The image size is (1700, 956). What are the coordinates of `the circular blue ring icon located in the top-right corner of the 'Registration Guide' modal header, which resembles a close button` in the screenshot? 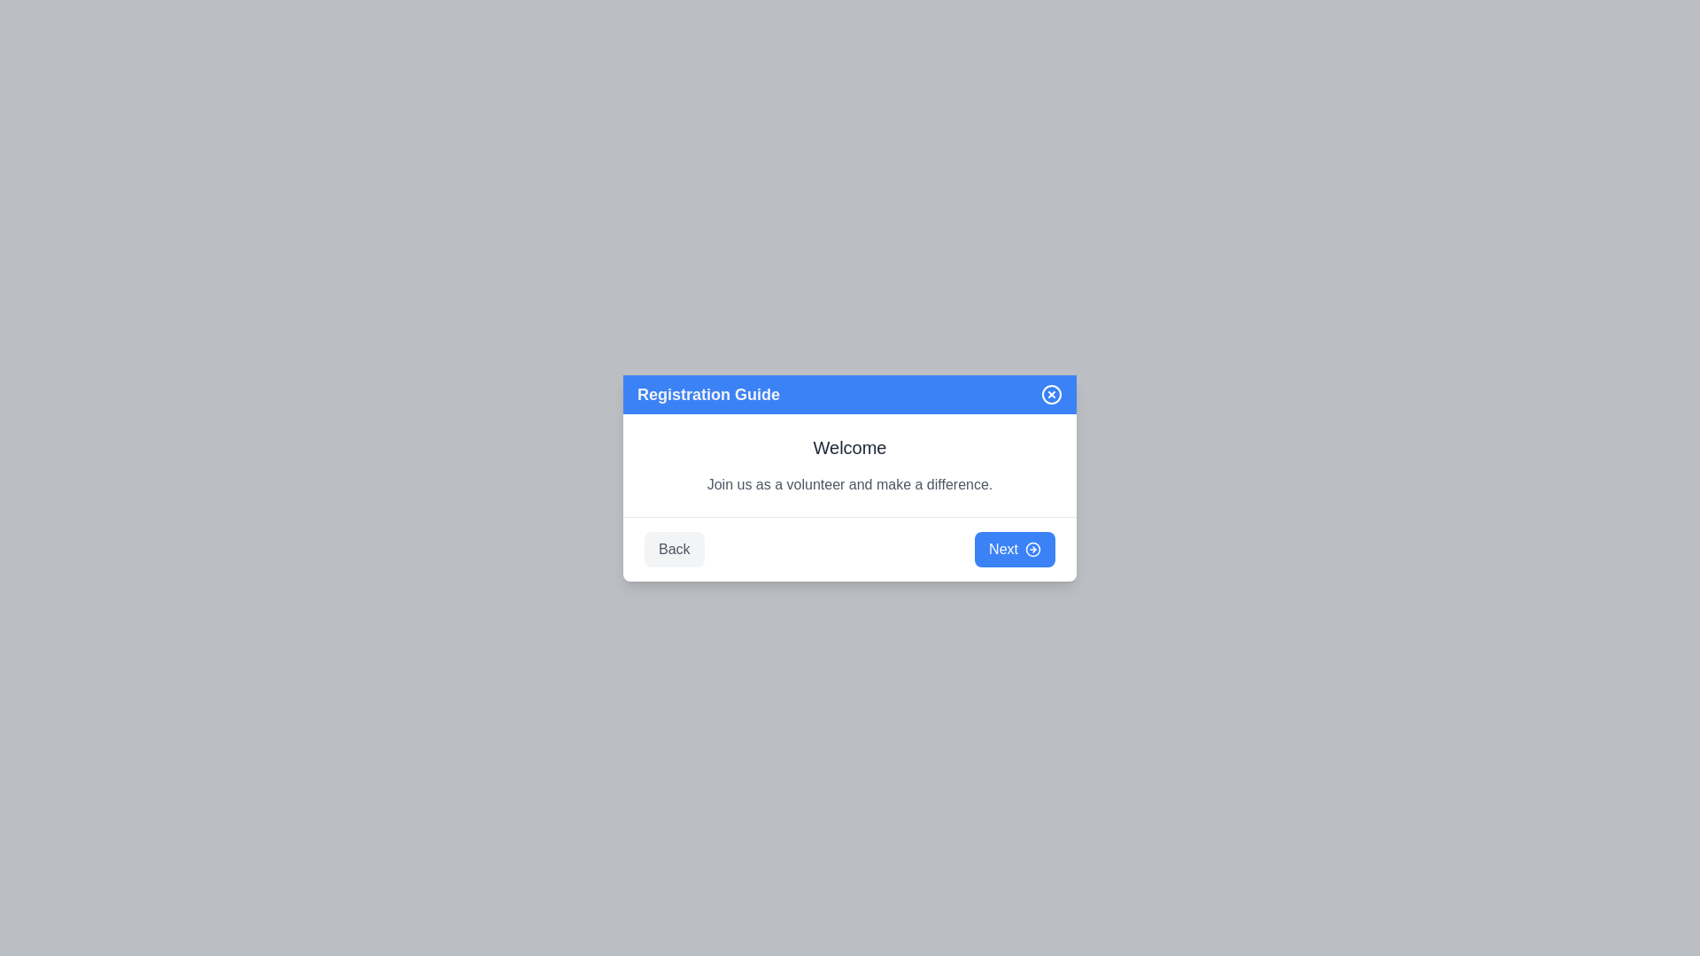 It's located at (1052, 393).